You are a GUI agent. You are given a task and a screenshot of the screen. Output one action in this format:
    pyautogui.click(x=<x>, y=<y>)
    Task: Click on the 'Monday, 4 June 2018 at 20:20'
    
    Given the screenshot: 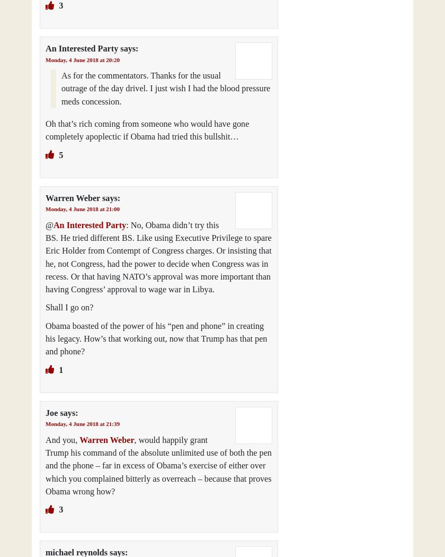 What is the action you would take?
    pyautogui.click(x=46, y=59)
    